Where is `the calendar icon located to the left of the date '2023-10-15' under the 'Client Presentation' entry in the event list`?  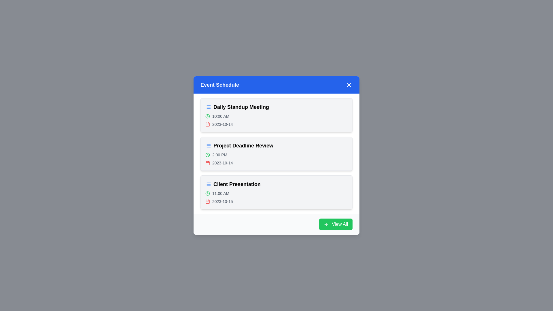 the calendar icon located to the left of the date '2023-10-15' under the 'Client Presentation' entry in the event list is located at coordinates (207, 201).